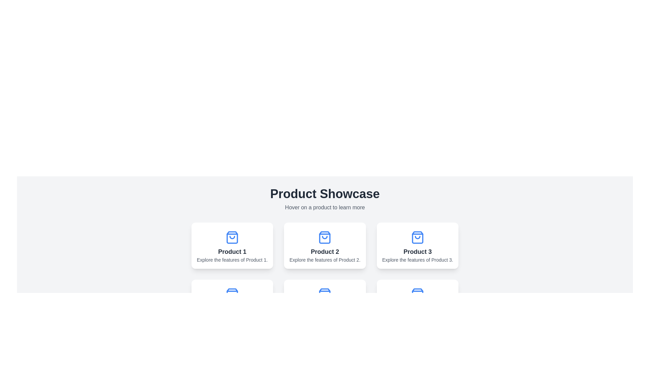 The image size is (653, 367). I want to click on the lower portion of the blue shopping bag icon, which is part of the 'Product 2' card in the 'Product Showcase' section, so click(324, 237).